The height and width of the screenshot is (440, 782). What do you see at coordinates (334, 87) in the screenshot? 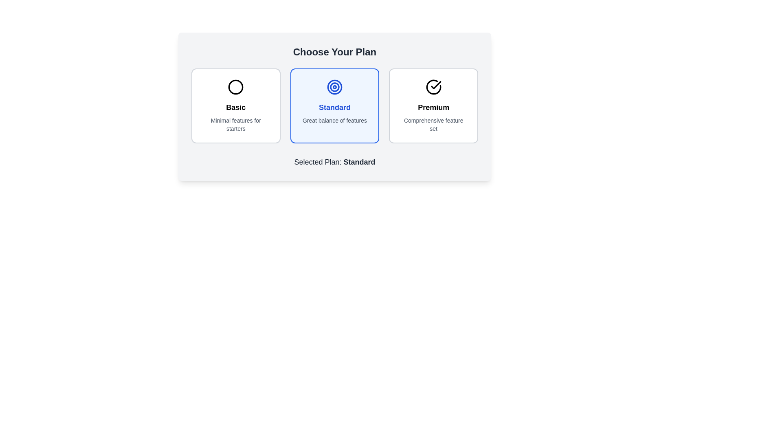
I see `the target icon, which is an SVG graphic with concentric circles and a bold blue appearance, centrally positioned above the text labels in the 'Standard' option card` at bounding box center [334, 87].